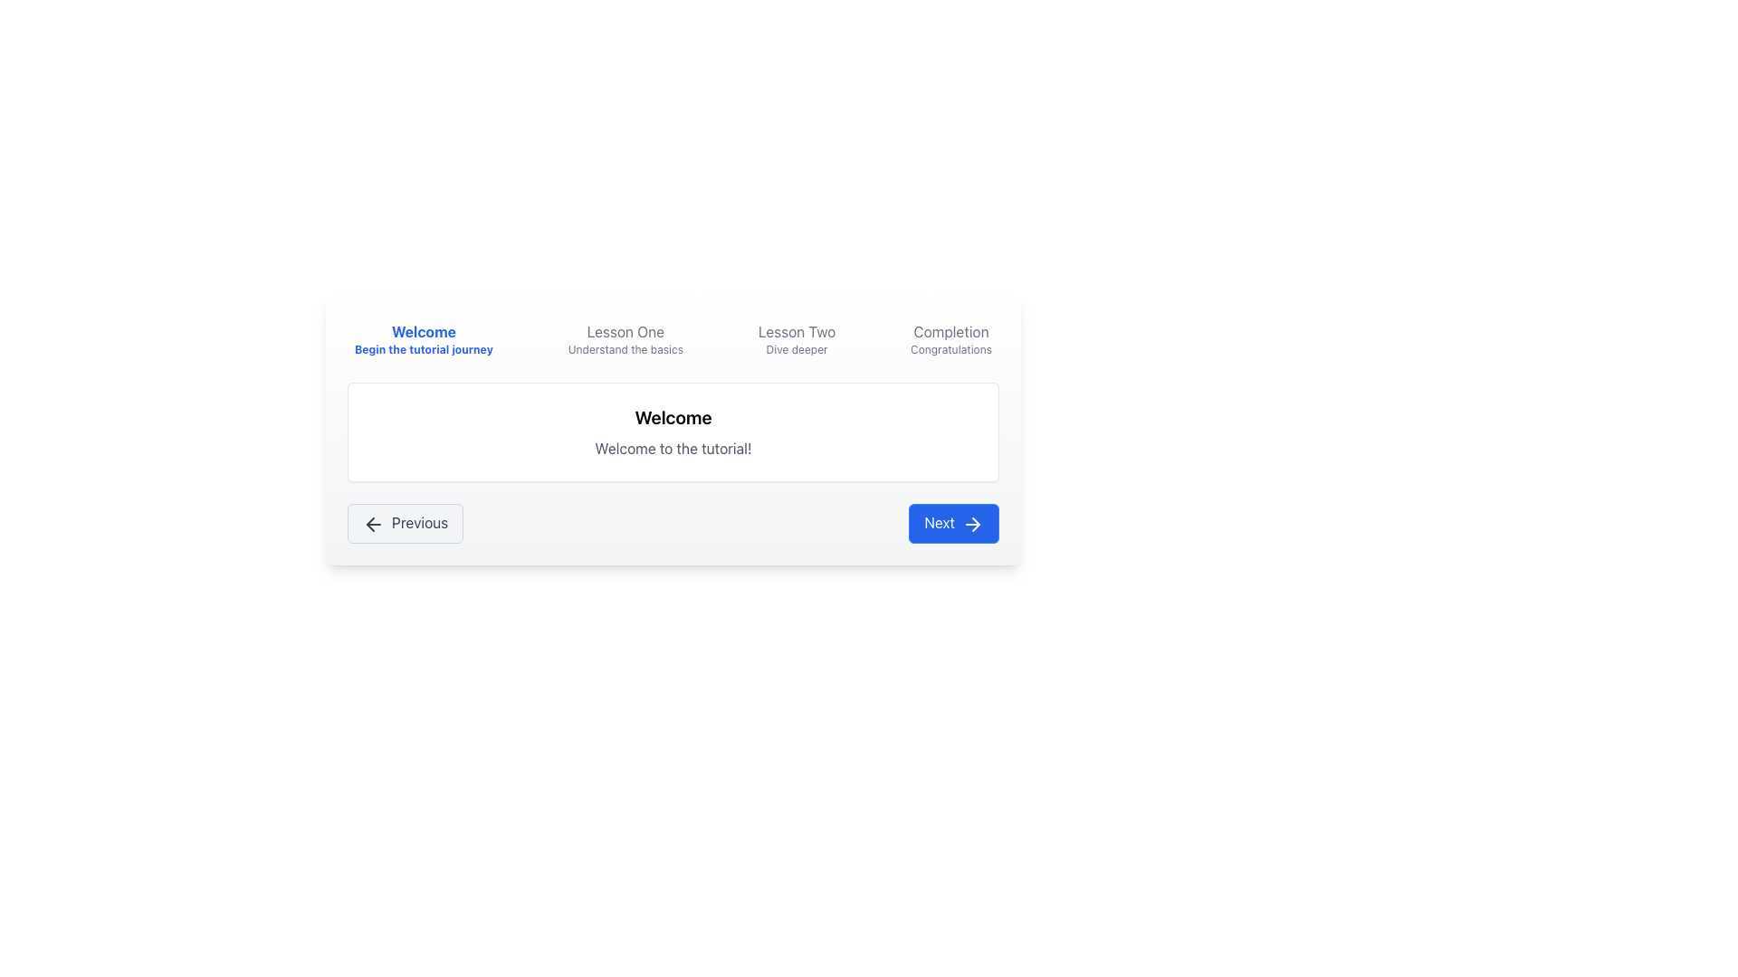 This screenshot has height=977, width=1738. What do you see at coordinates (953, 523) in the screenshot?
I see `the rounded blue 'Next' button with white text and a right-facing arrow icon` at bounding box center [953, 523].